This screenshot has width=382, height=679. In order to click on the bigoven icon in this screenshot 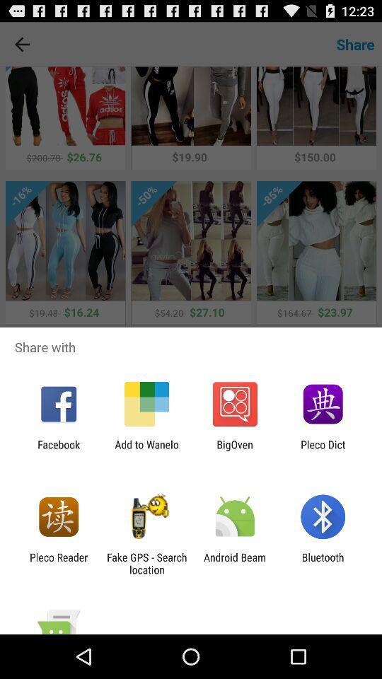, I will do `click(235, 450)`.